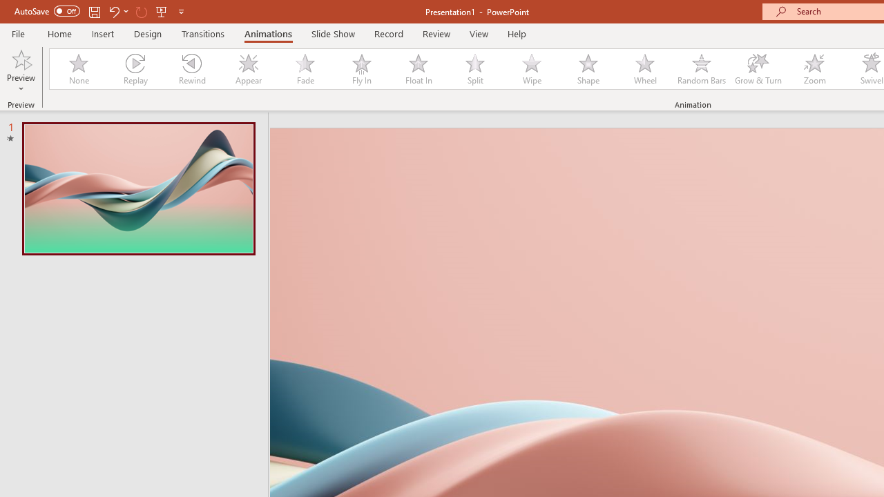 The width and height of the screenshot is (884, 497). Describe the element at coordinates (475, 69) in the screenshot. I see `'Split'` at that location.